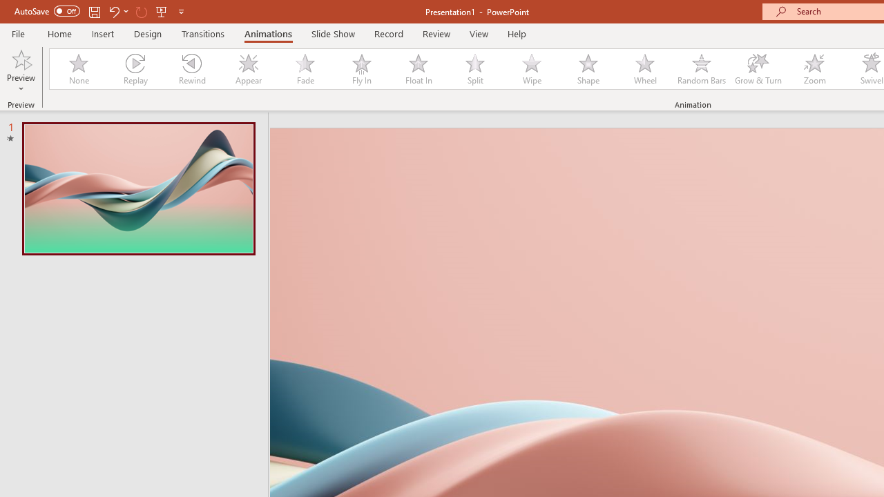 The width and height of the screenshot is (884, 497). Describe the element at coordinates (475, 69) in the screenshot. I see `'Split'` at that location.